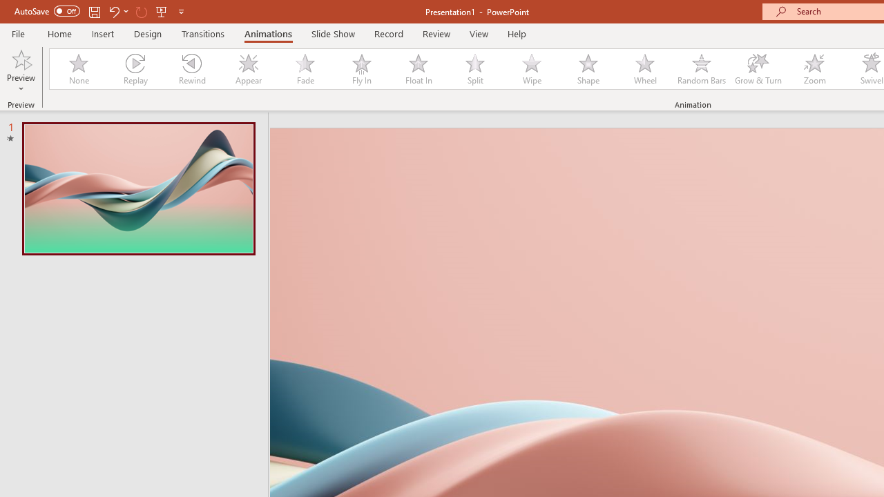 The width and height of the screenshot is (884, 497). Describe the element at coordinates (475, 69) in the screenshot. I see `'Split'` at that location.